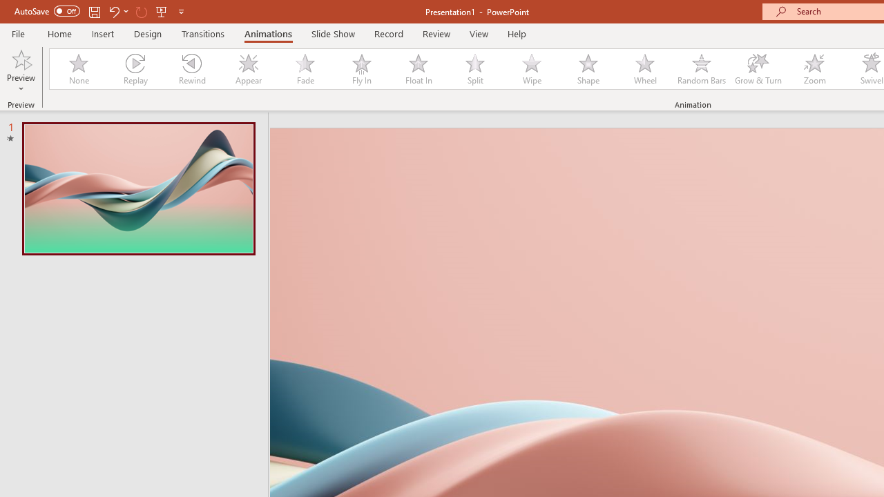 The width and height of the screenshot is (884, 497). Describe the element at coordinates (475, 69) in the screenshot. I see `'Split'` at that location.